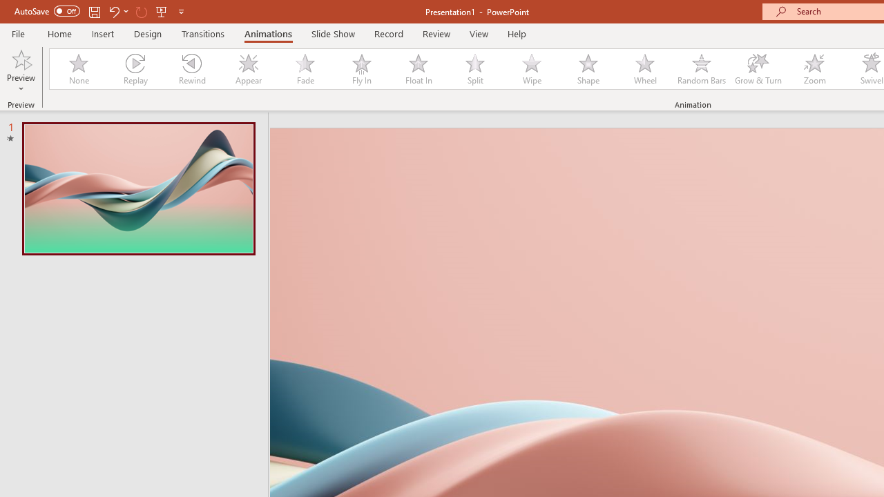 The width and height of the screenshot is (884, 497). Describe the element at coordinates (475, 69) in the screenshot. I see `'Split'` at that location.